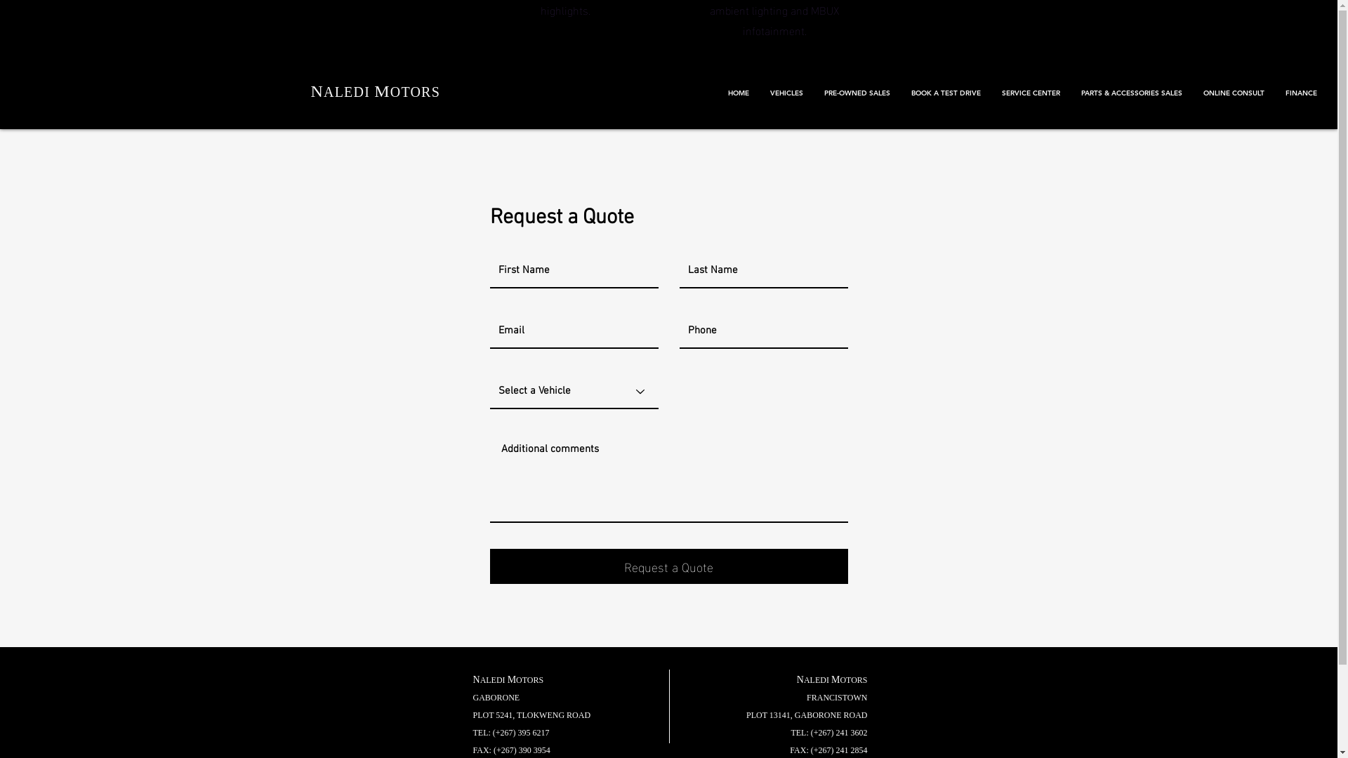  What do you see at coordinates (375, 91) in the screenshot?
I see `'NALEDI MOTORS'` at bounding box center [375, 91].